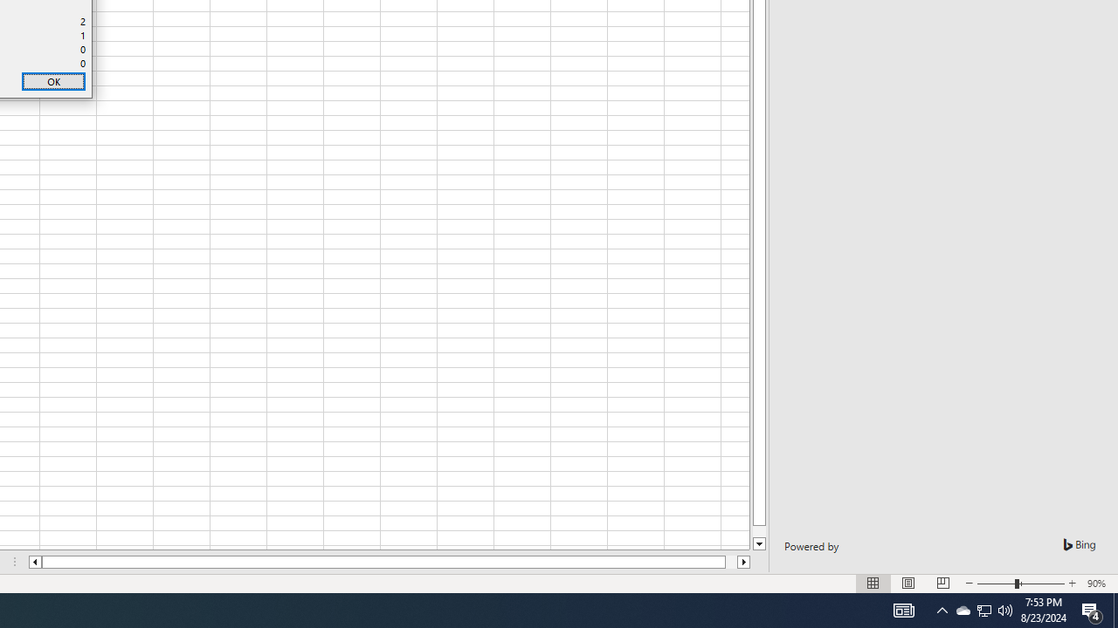 The height and width of the screenshot is (628, 1118). Describe the element at coordinates (53, 81) in the screenshot. I see `'OK'` at that location.